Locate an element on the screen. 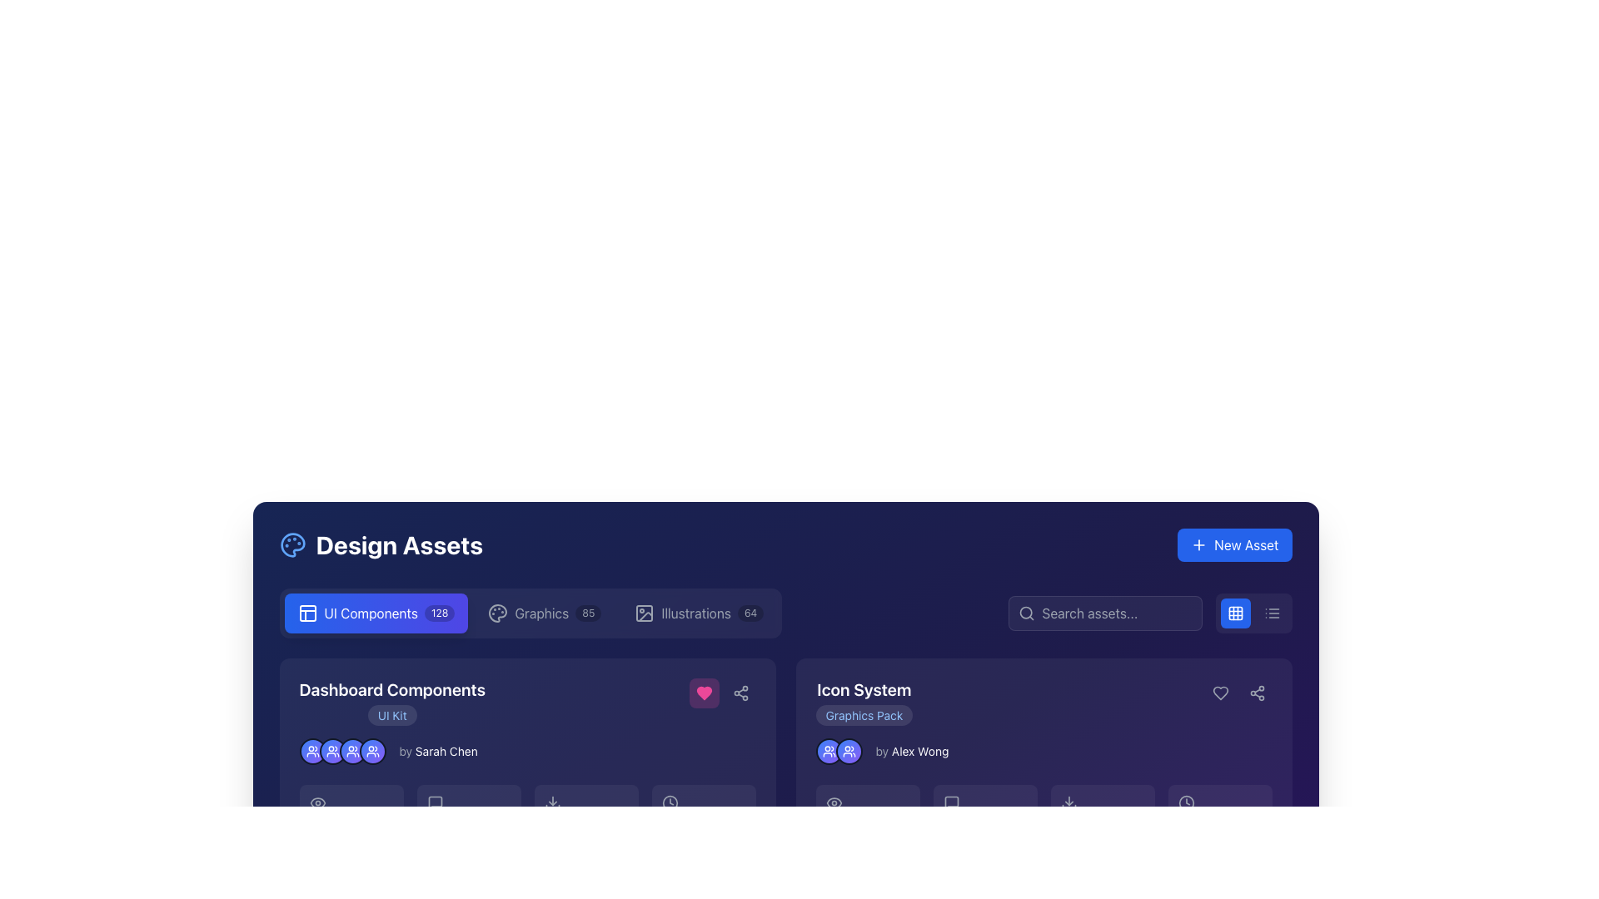 This screenshot has height=899, width=1599. the grid toggle button icon located in the top bar of the layout, positioned slightly to the right of the search bar is located at coordinates (1235, 613).